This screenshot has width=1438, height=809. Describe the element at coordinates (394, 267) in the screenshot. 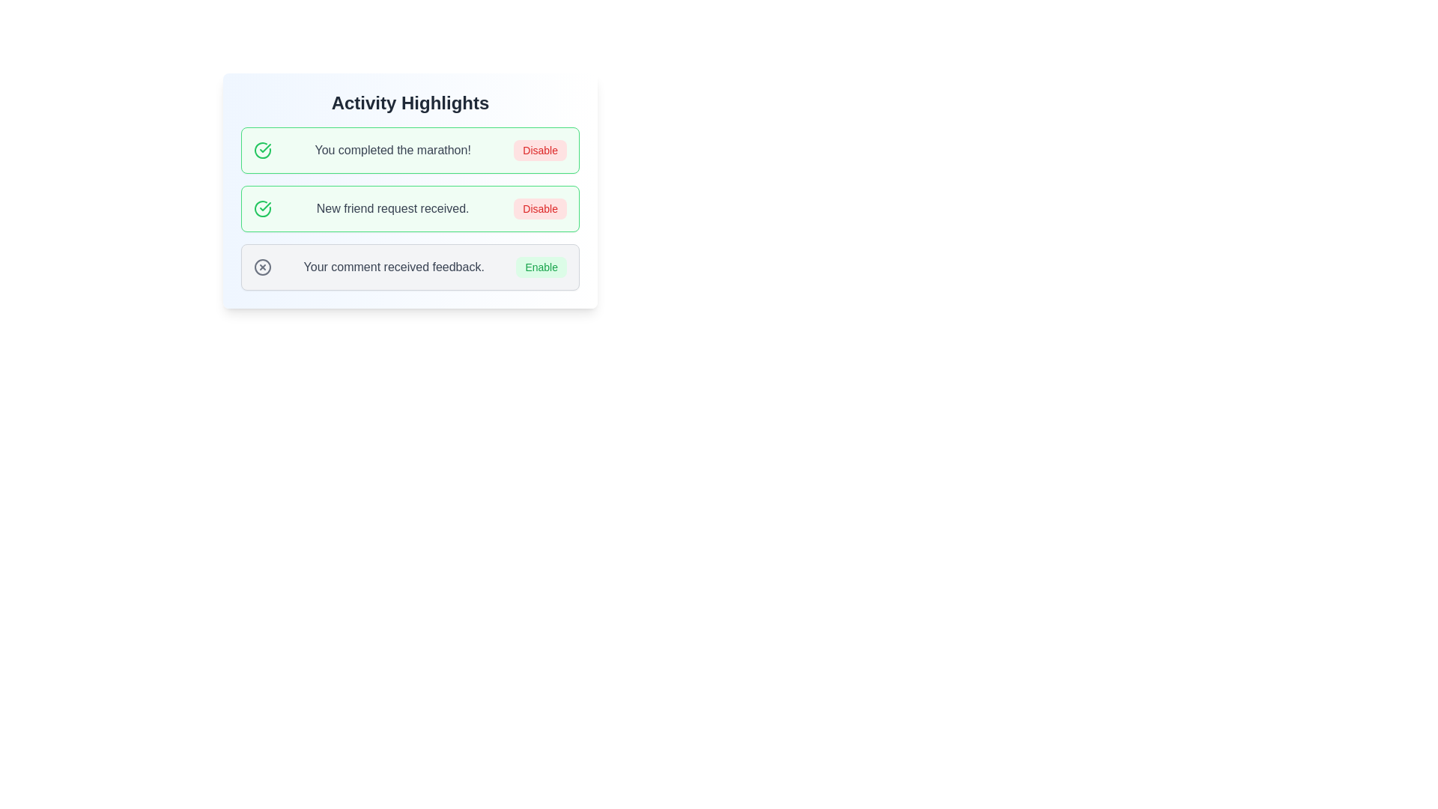

I see `the static text notification in the third row of 'Activity Highlights', which informs the user about feedback on their comment, located to the left of the 'Enable' button` at that location.